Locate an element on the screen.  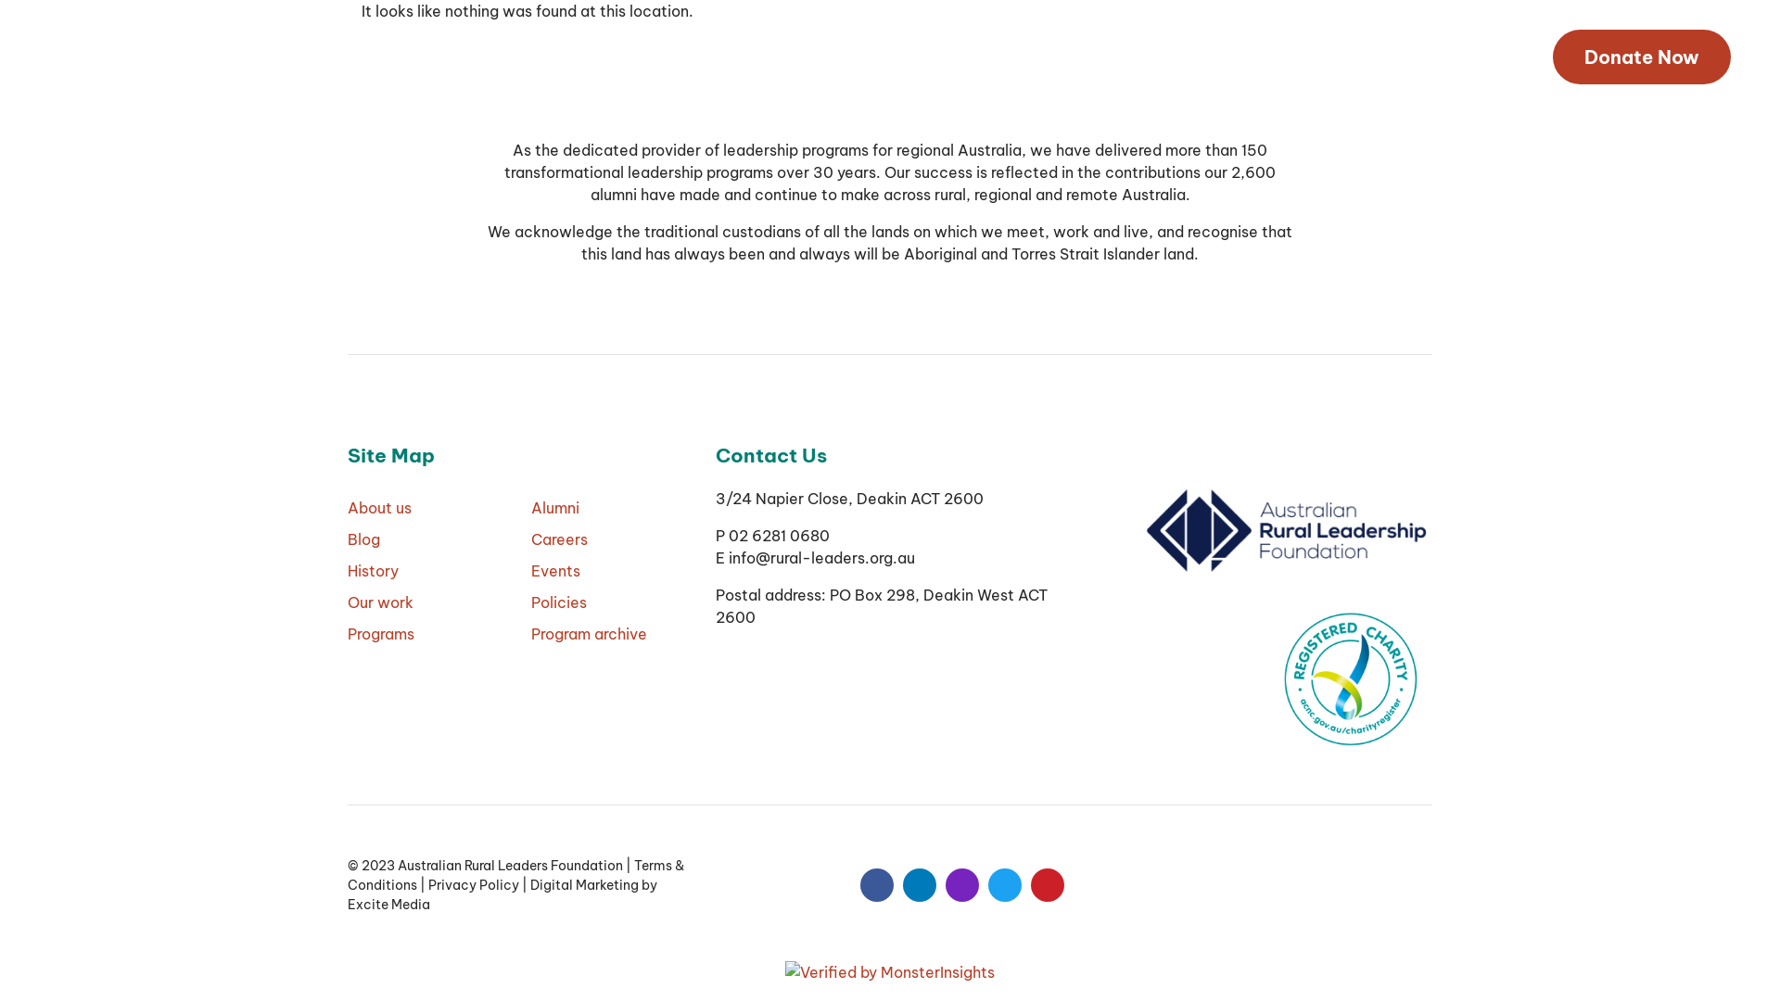
'02 6281 0680' is located at coordinates (779, 536).